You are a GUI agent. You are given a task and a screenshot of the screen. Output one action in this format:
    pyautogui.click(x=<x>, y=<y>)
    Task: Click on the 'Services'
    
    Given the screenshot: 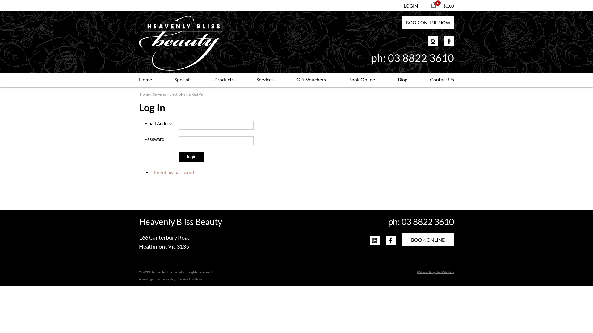 What is the action you would take?
    pyautogui.click(x=159, y=94)
    